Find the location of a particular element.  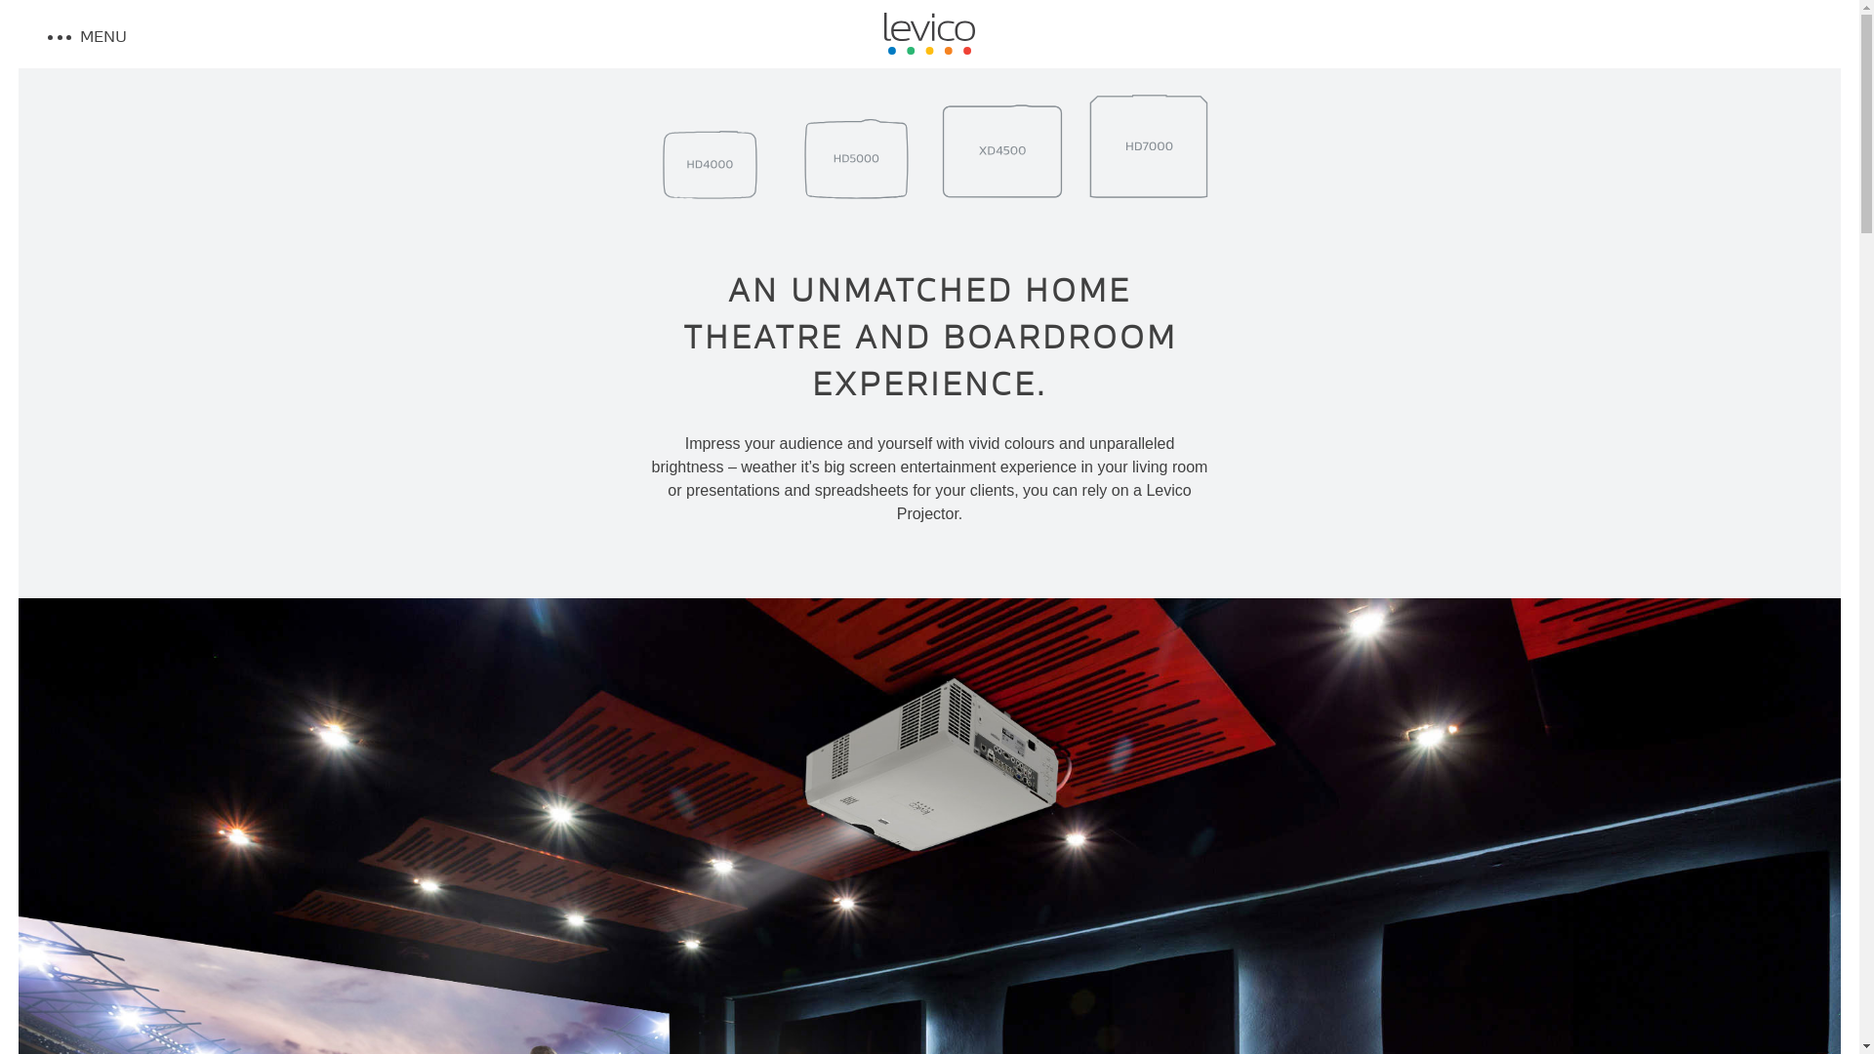

'0' is located at coordinates (1148, 148).